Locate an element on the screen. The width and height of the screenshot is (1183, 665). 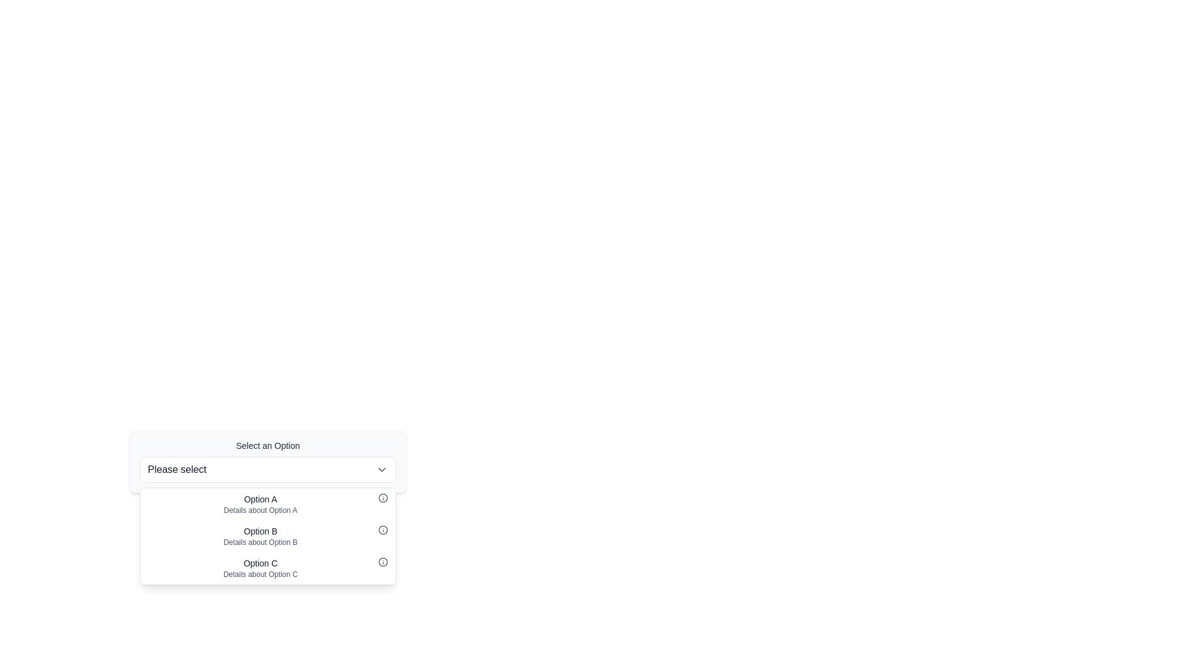
the 'Option A' selection in the dropdown menu is located at coordinates (259, 504).